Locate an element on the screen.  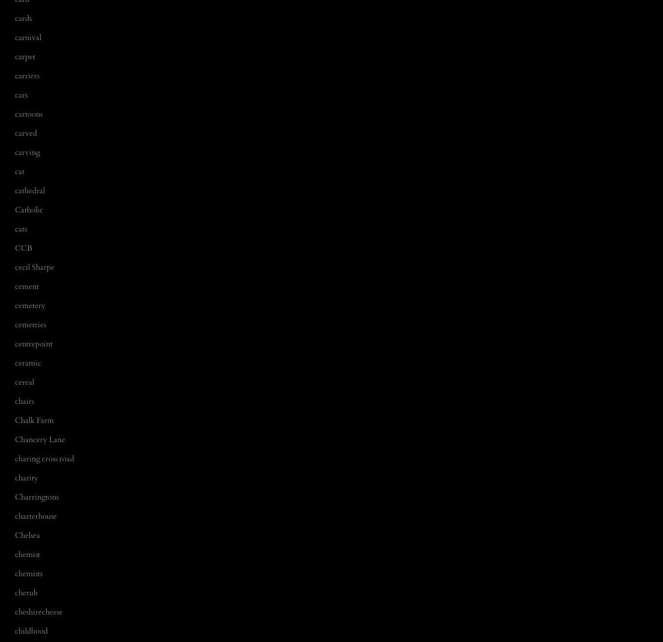
'Catholic' is located at coordinates (15, 209).